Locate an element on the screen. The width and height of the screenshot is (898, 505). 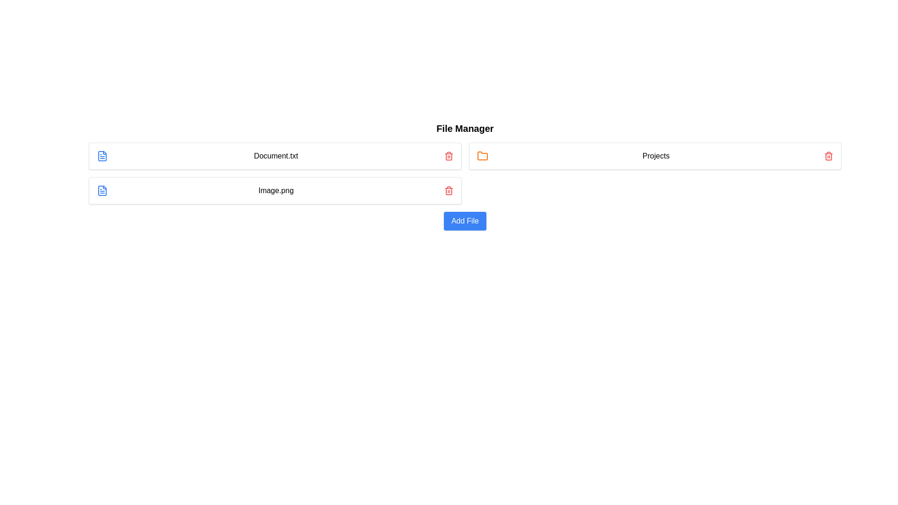
the file icon, which is a blue pictogram representing a file with a fold at the top right corner is located at coordinates (102, 190).